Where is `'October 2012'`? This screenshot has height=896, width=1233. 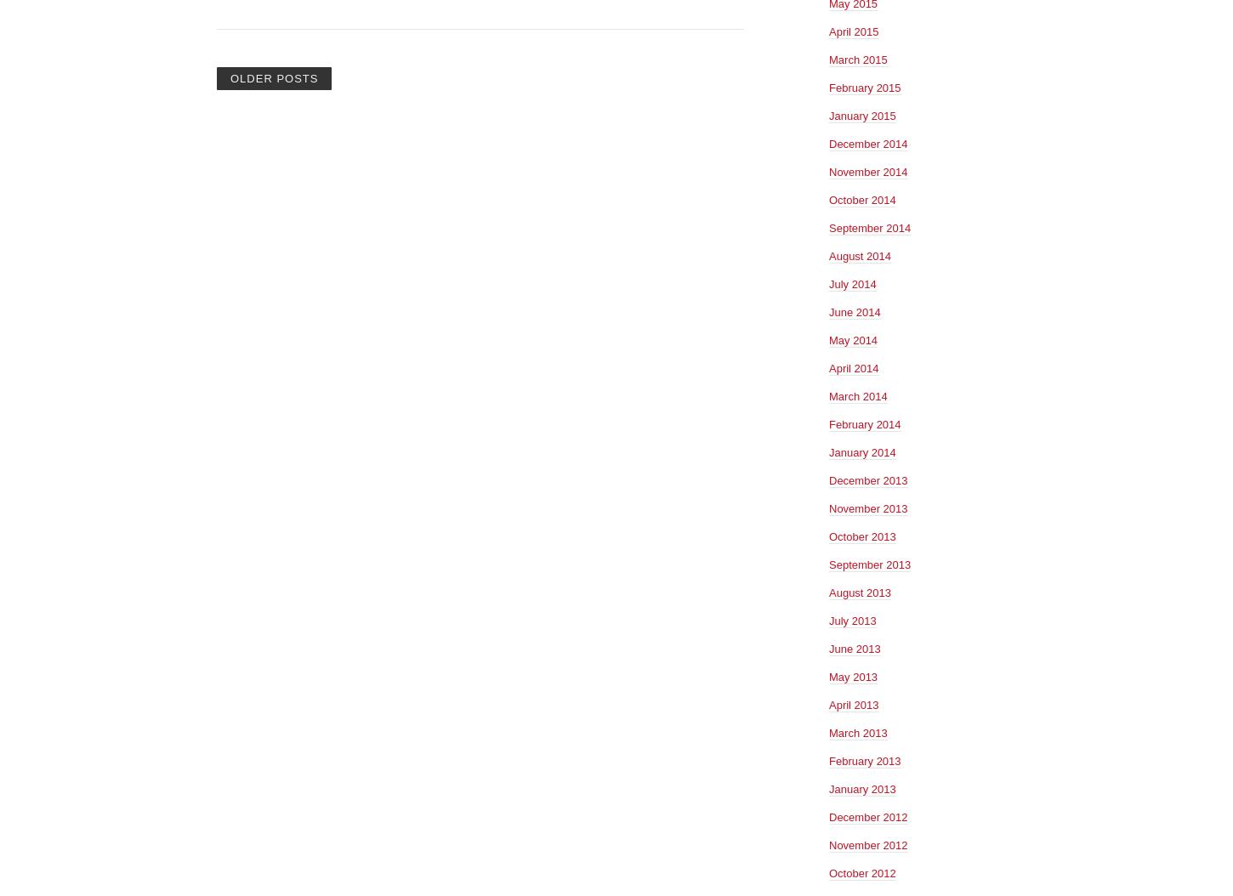
'October 2012' is located at coordinates (861, 871).